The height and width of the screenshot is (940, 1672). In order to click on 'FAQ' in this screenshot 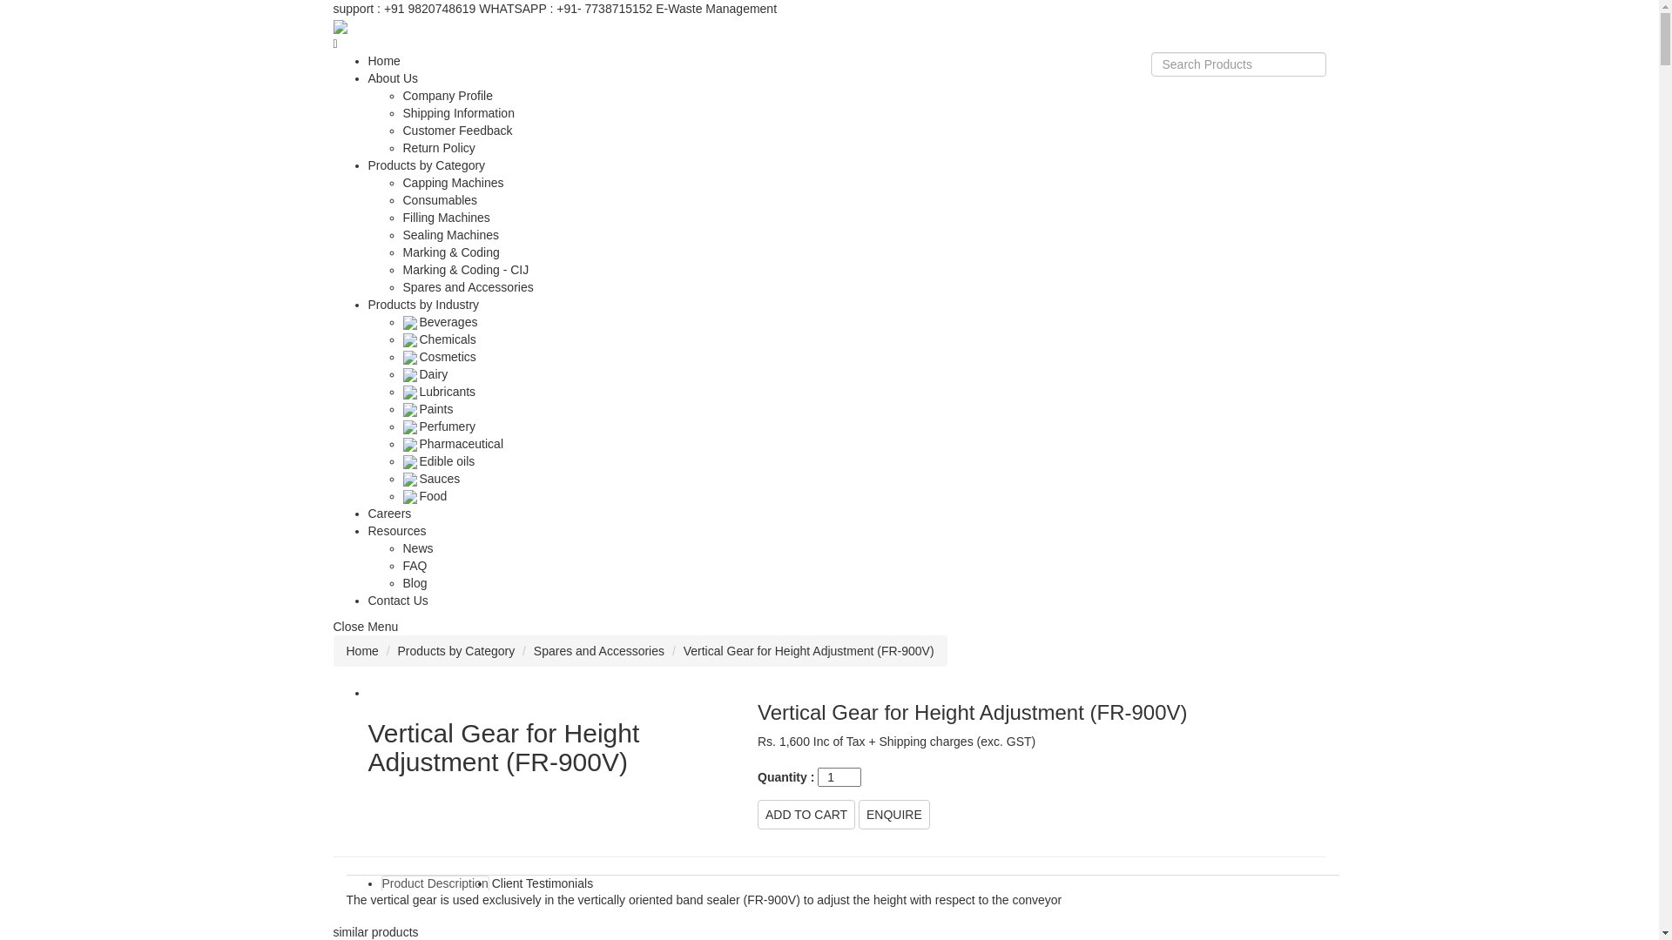, I will do `click(413, 566)`.